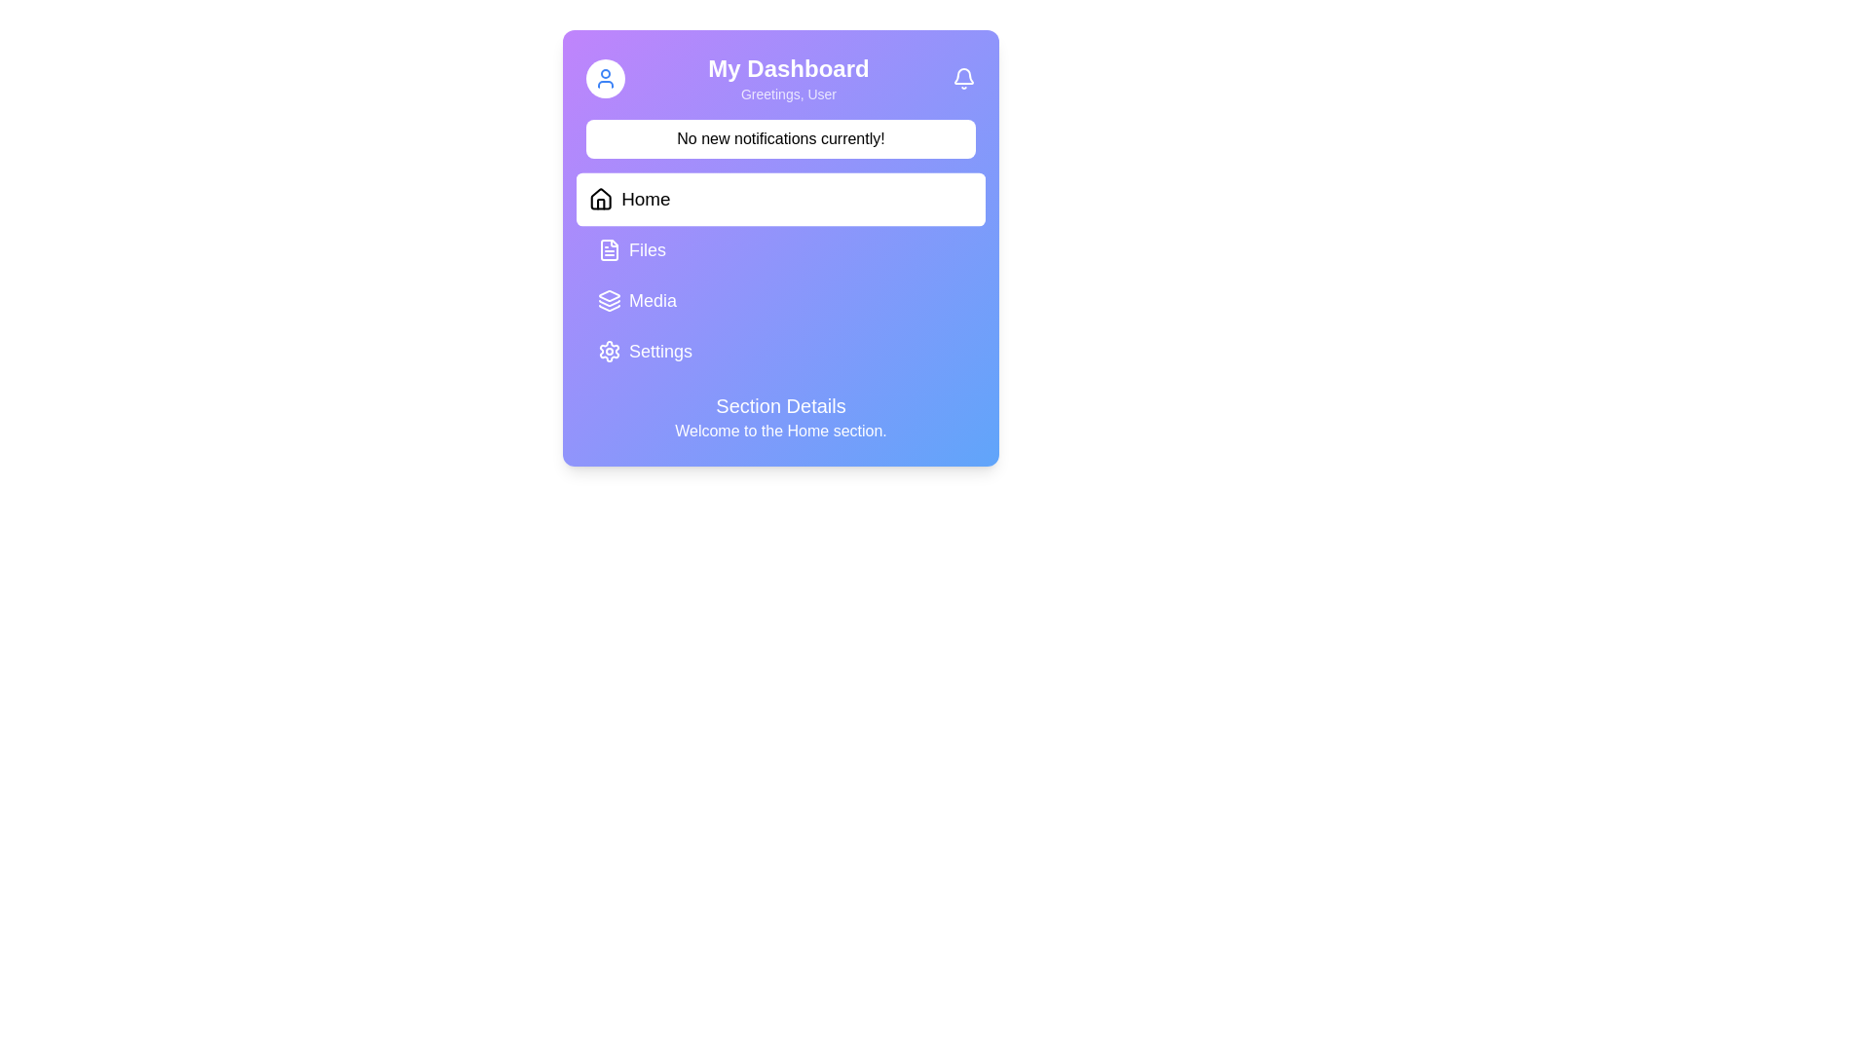  Describe the element at coordinates (648, 249) in the screenshot. I see `the text label reading 'Files' in the vertical menu, which is styled with a larger font size and medium-bold weight, located second beneath the 'Home' option` at that location.